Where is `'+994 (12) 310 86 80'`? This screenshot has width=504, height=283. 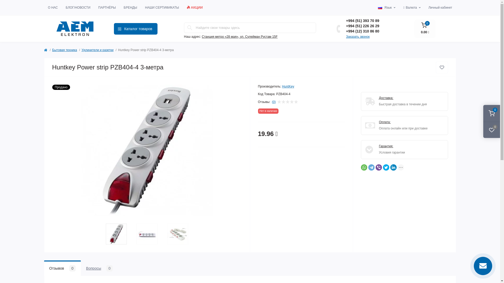
'+994 (12) 310 86 80' is located at coordinates (362, 31).